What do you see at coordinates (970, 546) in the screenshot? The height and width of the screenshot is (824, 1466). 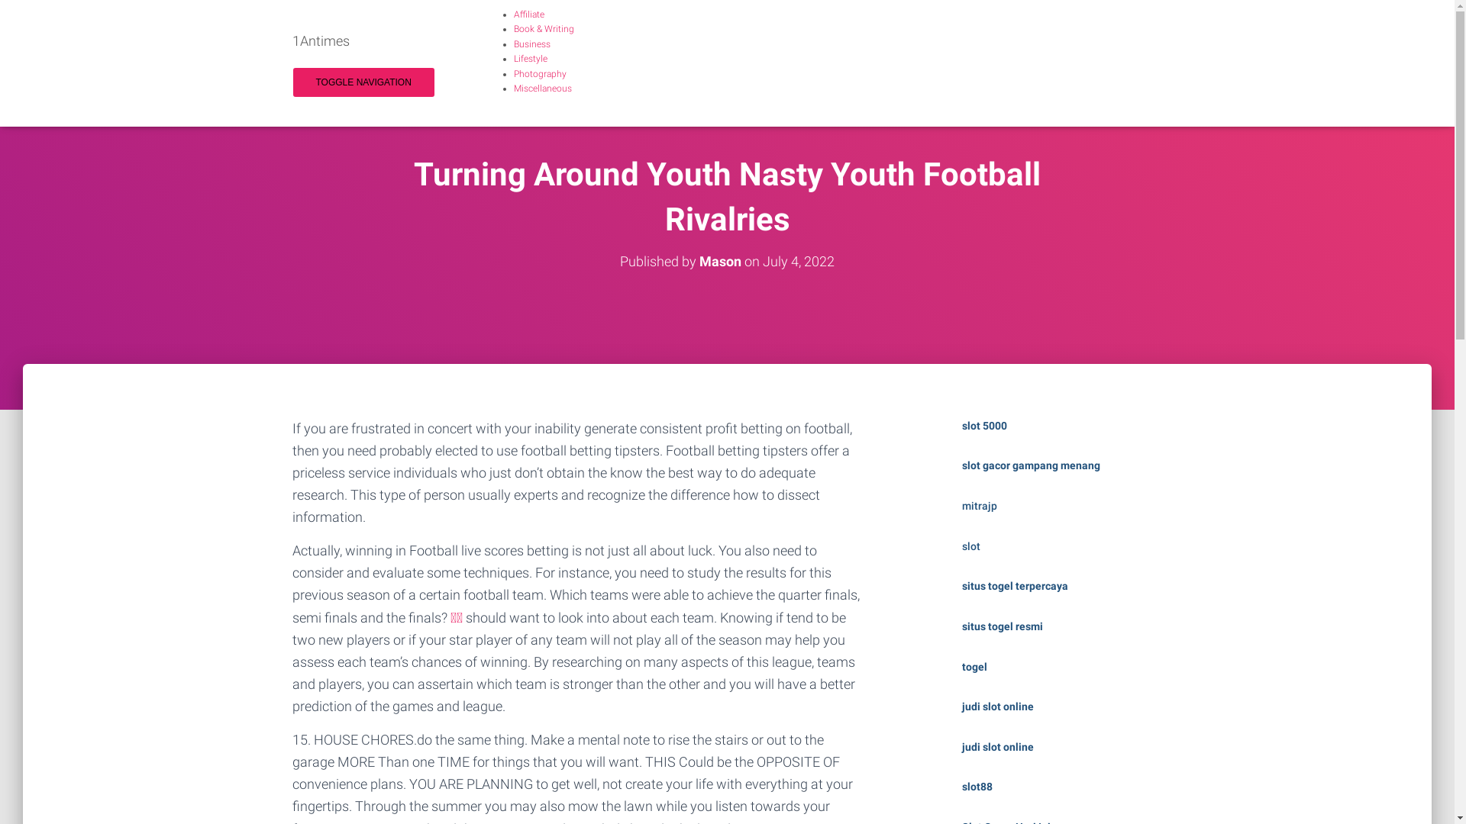 I see `'slot'` at bounding box center [970, 546].